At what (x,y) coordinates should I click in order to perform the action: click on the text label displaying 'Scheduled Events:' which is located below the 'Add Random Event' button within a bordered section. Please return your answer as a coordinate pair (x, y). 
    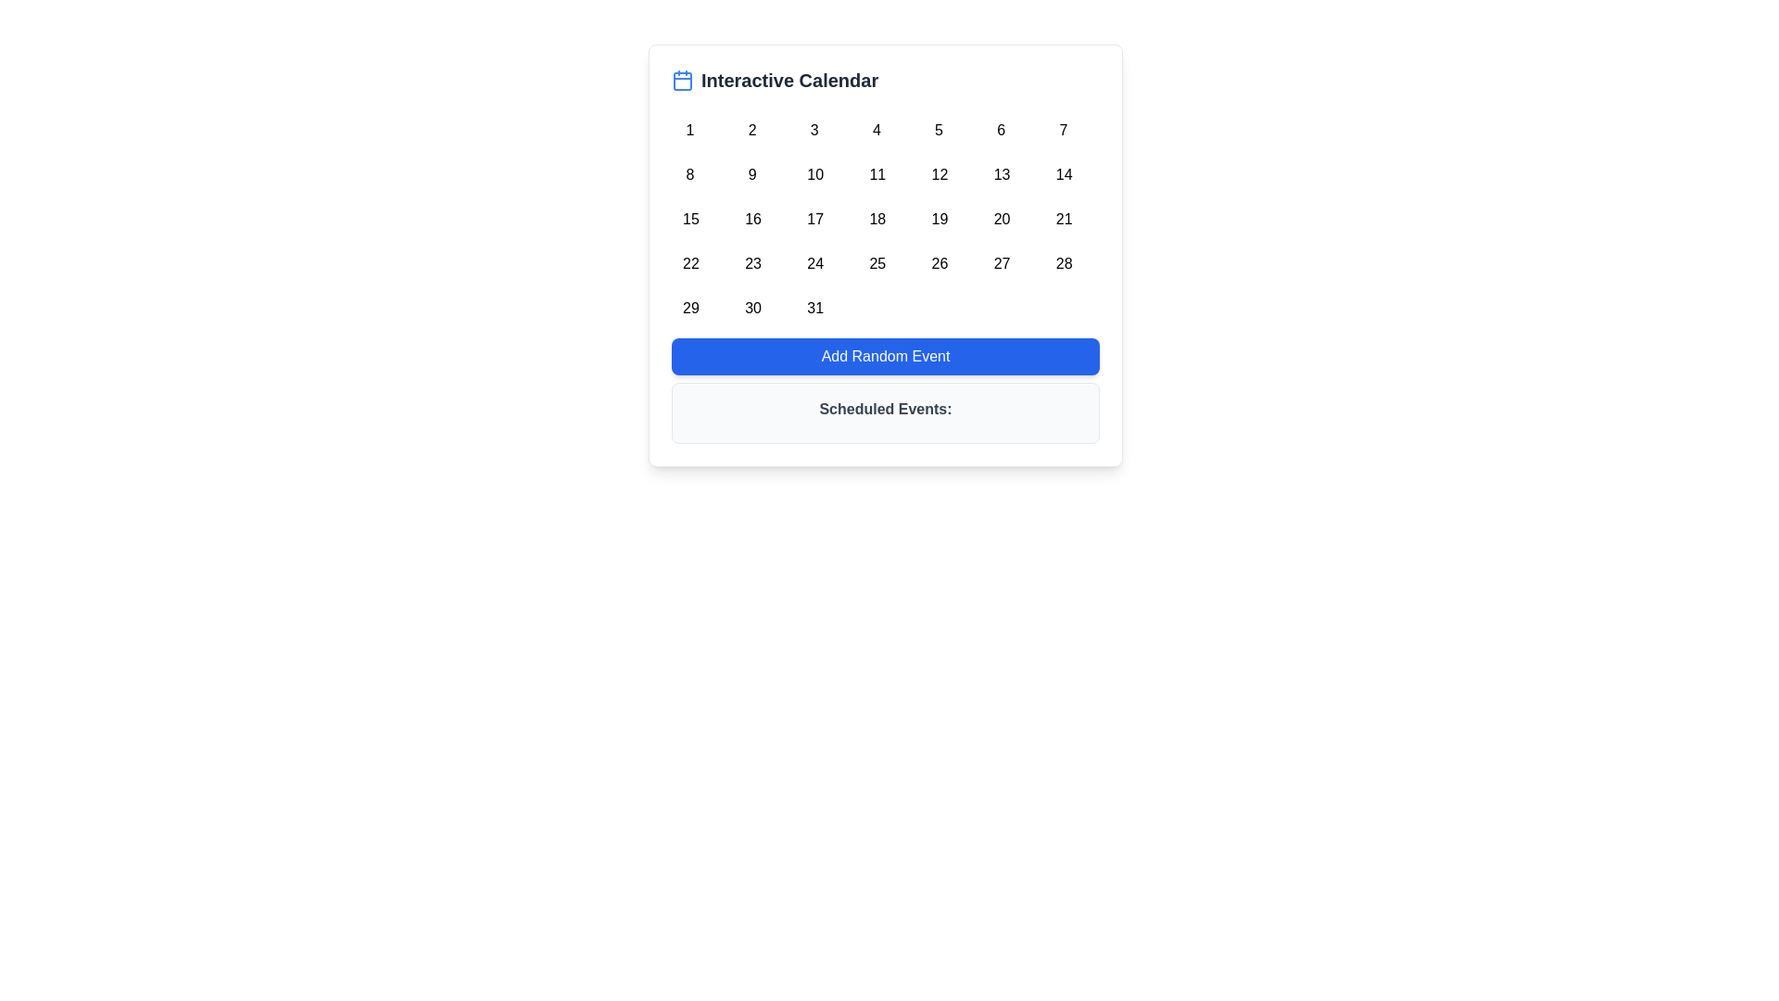
    Looking at the image, I should click on (884, 409).